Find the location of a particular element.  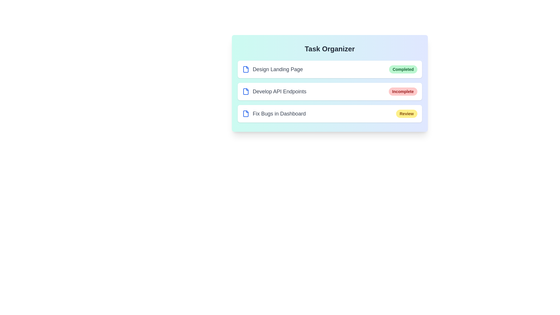

the status button of the task named Design Landing Page to toggle its completion status is located at coordinates (403, 69).